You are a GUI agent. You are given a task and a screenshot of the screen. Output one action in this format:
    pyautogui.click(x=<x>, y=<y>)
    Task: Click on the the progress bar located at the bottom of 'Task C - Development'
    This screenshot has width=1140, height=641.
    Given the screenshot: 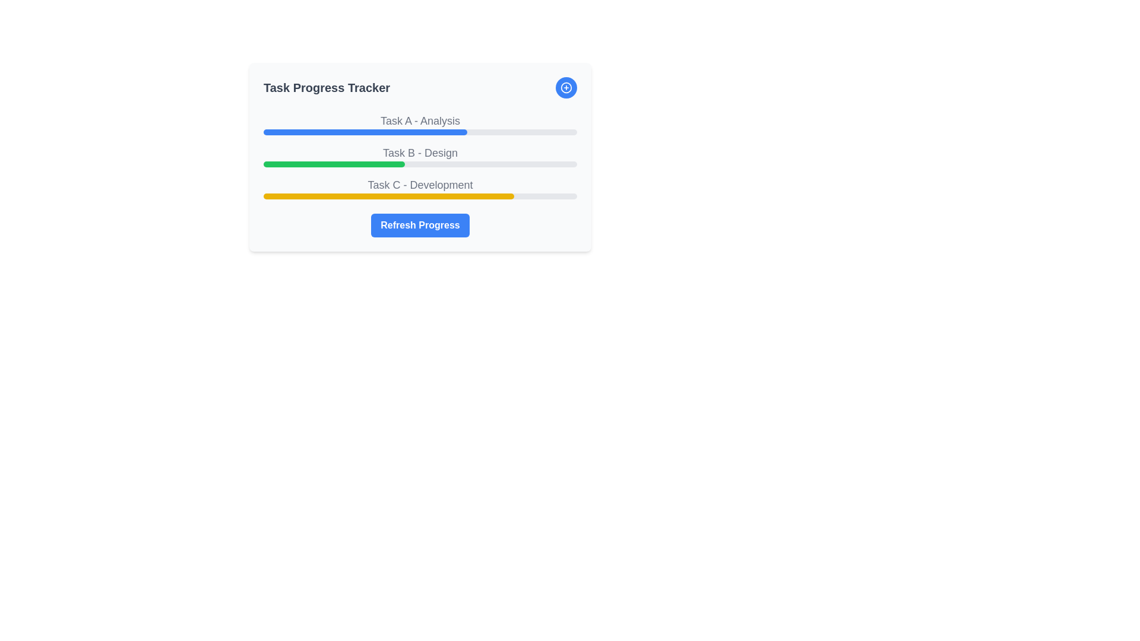 What is the action you would take?
    pyautogui.click(x=420, y=196)
    